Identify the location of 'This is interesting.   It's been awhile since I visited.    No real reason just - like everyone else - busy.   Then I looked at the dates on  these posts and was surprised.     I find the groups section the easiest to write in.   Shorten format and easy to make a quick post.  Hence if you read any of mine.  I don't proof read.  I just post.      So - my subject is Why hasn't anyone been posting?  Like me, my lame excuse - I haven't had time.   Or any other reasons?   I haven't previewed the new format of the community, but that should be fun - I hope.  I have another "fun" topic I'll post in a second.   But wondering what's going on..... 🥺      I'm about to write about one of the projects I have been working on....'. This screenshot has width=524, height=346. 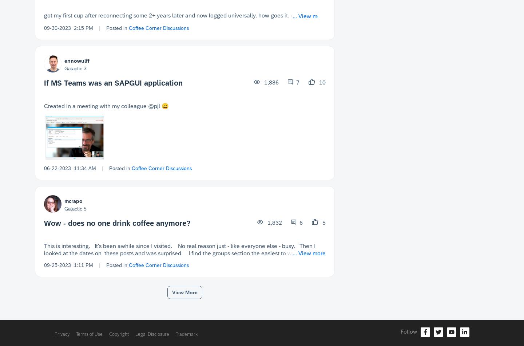
(184, 267).